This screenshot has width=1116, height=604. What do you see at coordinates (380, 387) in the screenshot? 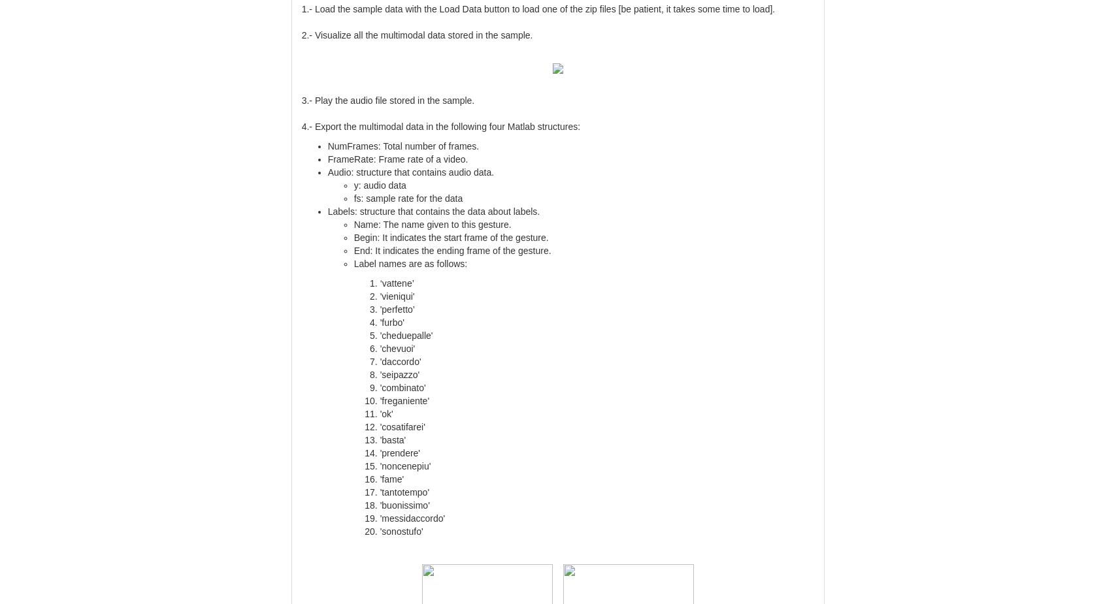
I see `''combinato''` at bounding box center [380, 387].